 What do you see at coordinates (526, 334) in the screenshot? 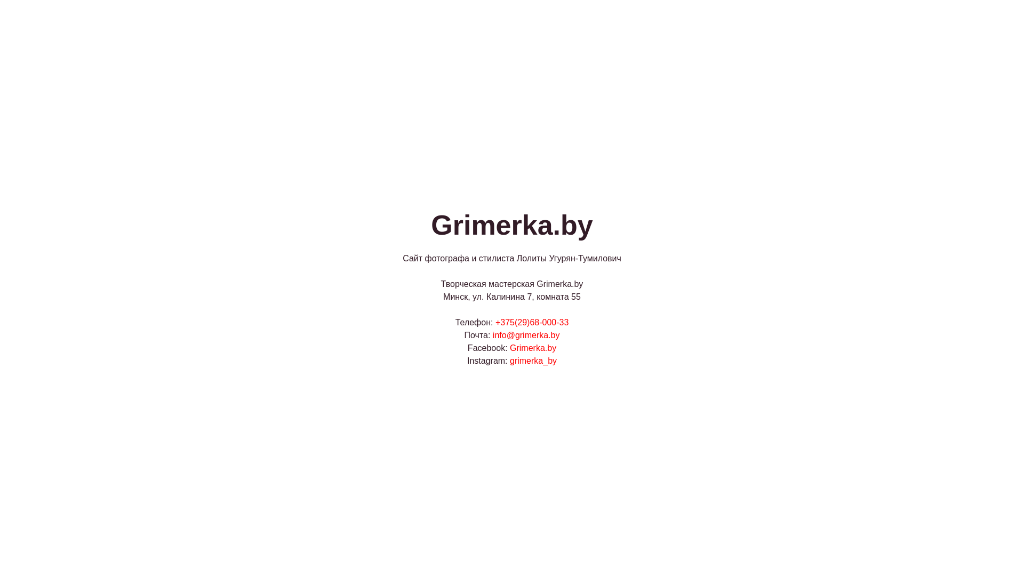
I see `'info@grimerka.by'` at bounding box center [526, 334].